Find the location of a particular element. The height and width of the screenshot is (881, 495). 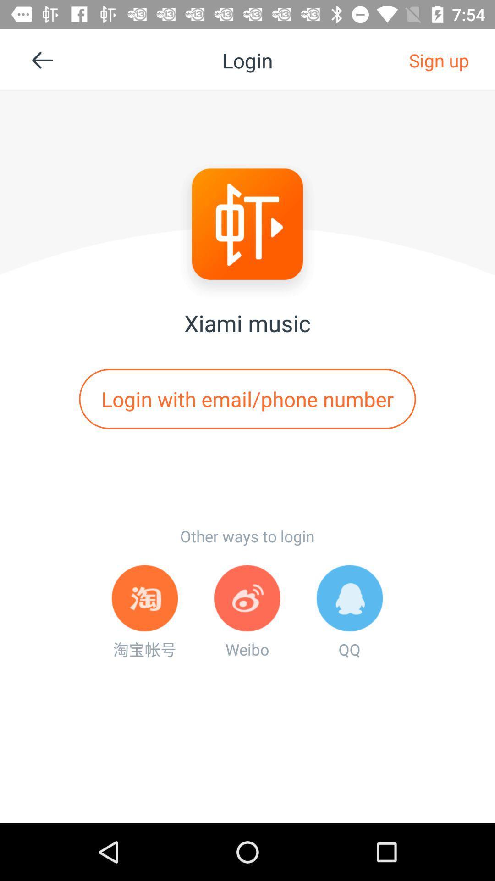

item next to weibo is located at coordinates (350, 612).